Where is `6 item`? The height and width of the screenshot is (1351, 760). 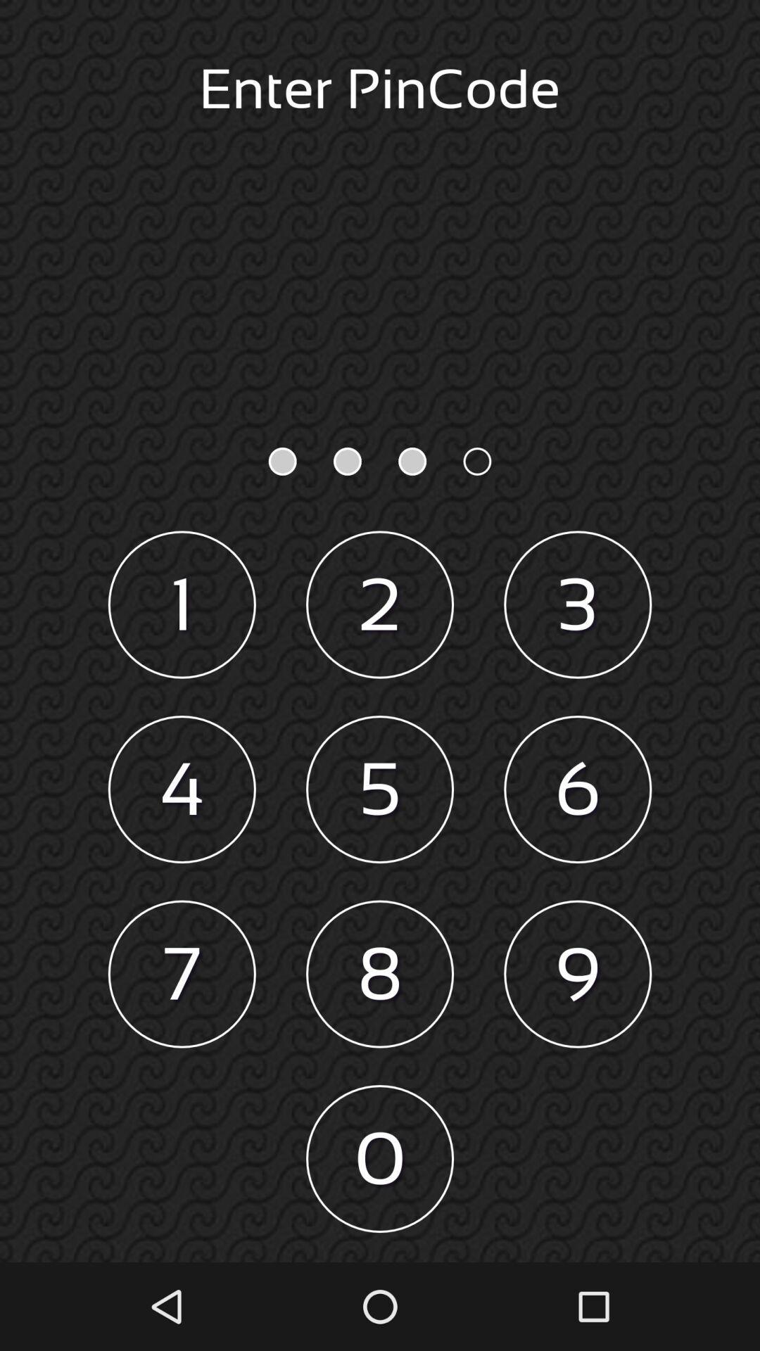
6 item is located at coordinates (578, 789).